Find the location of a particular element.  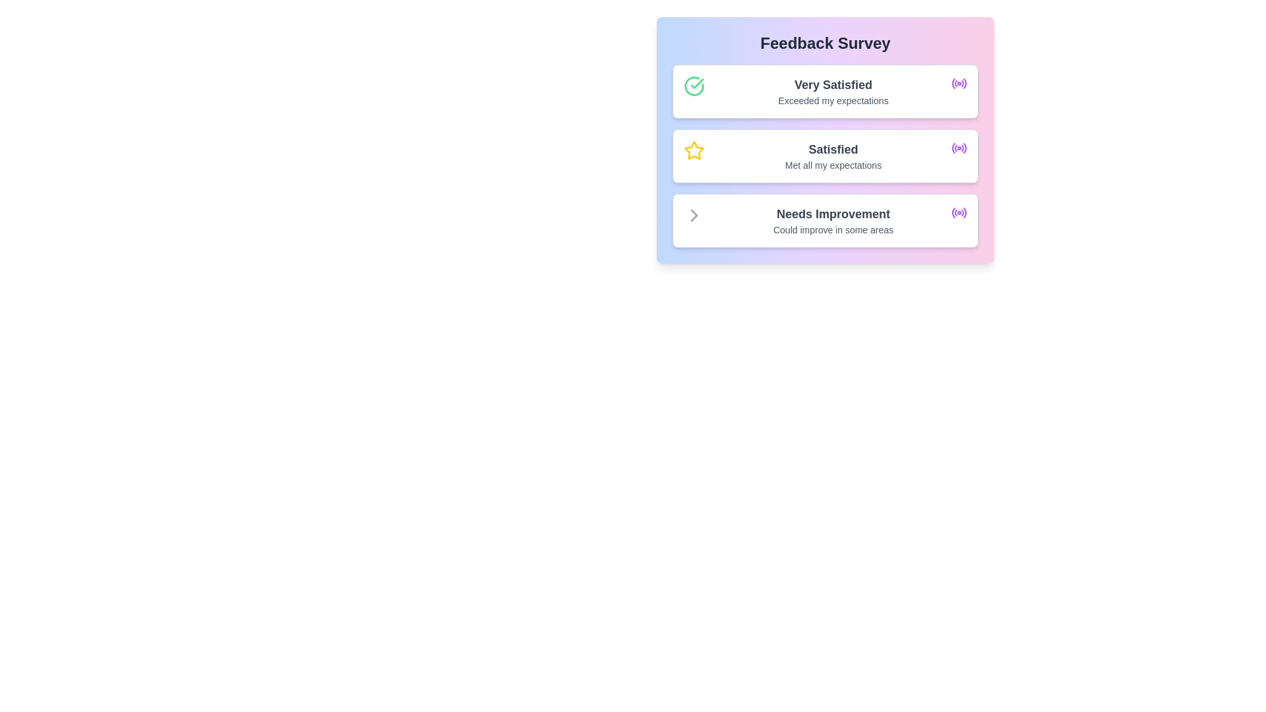

the 'Very Satisfied' option in the feedback selection interface, which is the first item in the list and indicates the sentiment 'Very Satisfied.' is located at coordinates (832, 90).